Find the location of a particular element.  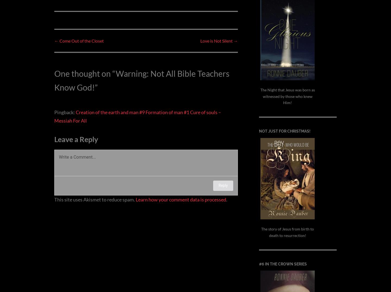

'#6 in the Crown Series' is located at coordinates (283, 264).